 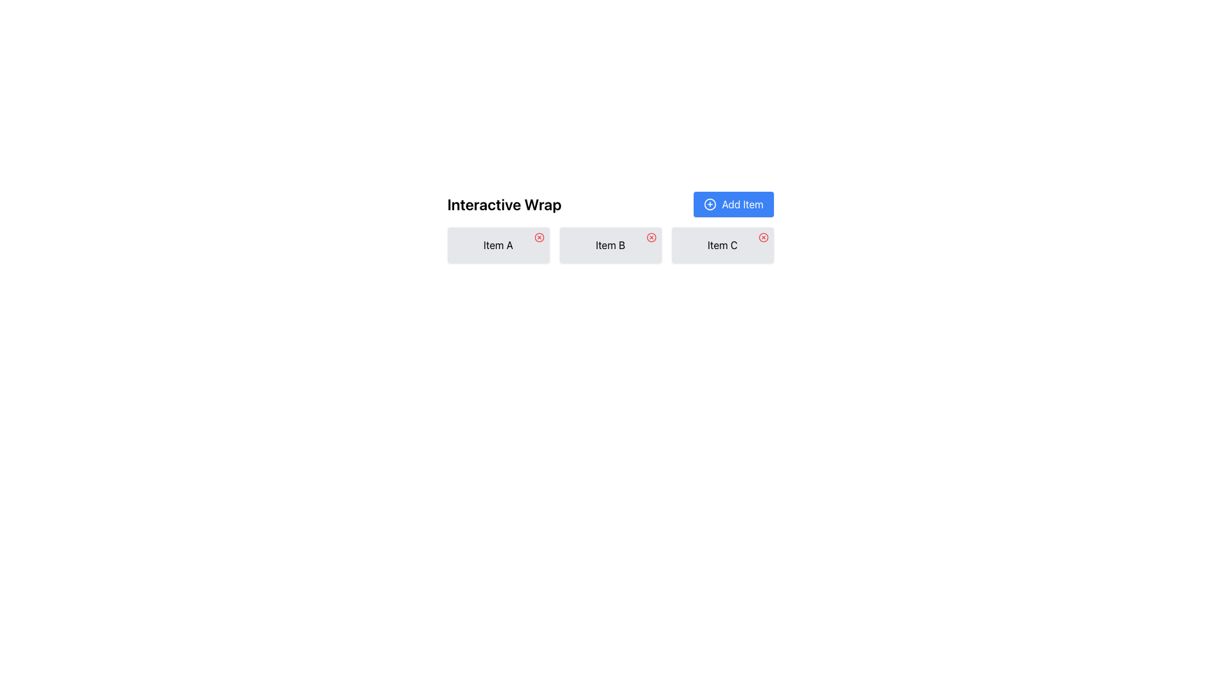 What do you see at coordinates (497, 245) in the screenshot?
I see `the text label element that displays 'Item A', which is prominently styled and located at the top of the gray rounded box` at bounding box center [497, 245].